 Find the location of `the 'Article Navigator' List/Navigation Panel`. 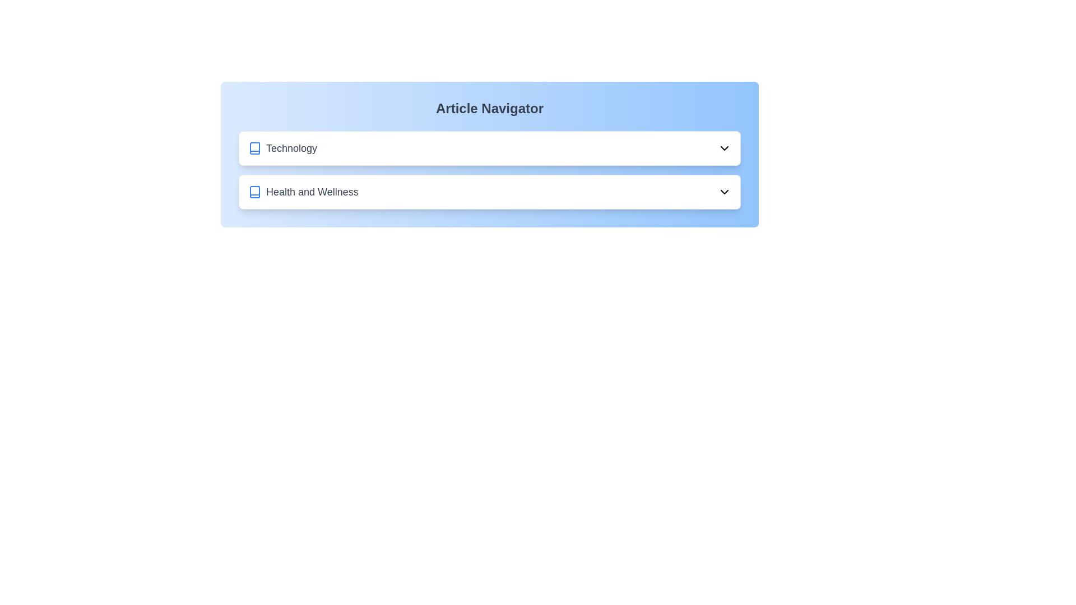

the 'Article Navigator' List/Navigation Panel is located at coordinates (489, 170).